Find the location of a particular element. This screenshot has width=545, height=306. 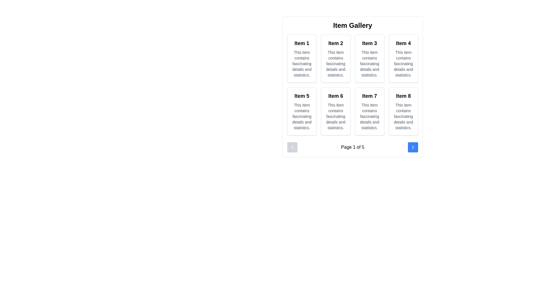

text from the Text Label that serves as the title or header for the last card in the second row of the grid structure is located at coordinates (403, 96).